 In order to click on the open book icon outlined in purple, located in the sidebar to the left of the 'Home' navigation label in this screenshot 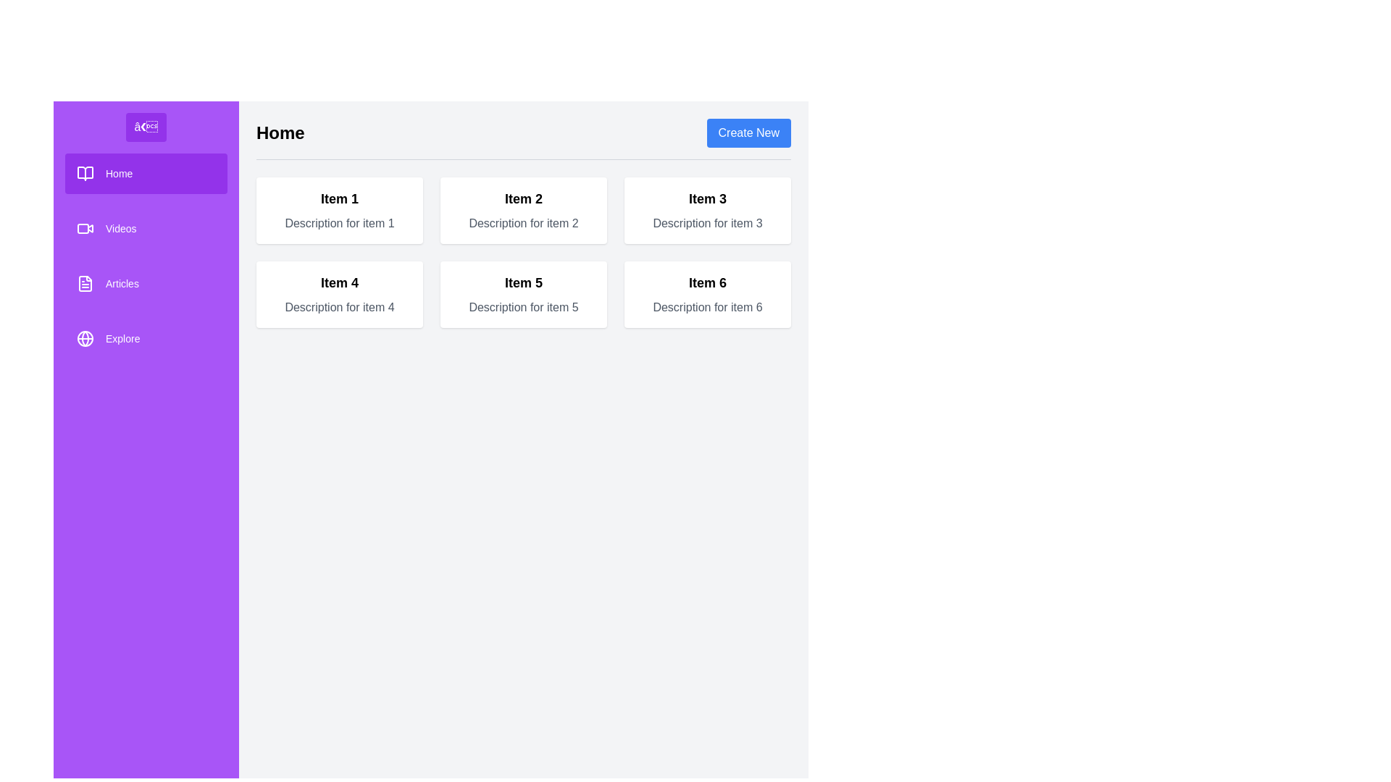, I will do `click(85, 172)`.